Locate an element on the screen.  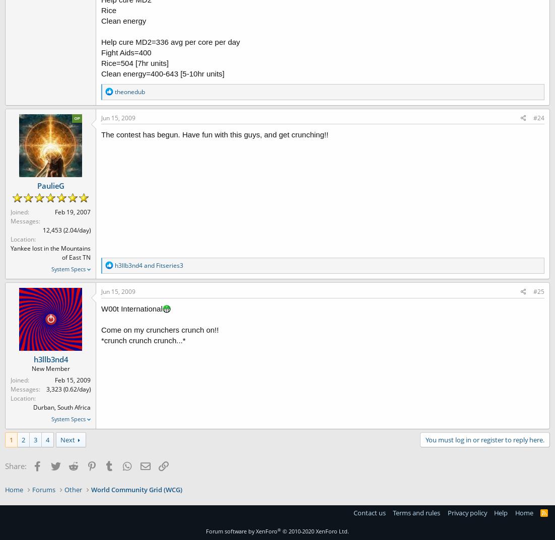
'Clean energy' is located at coordinates (123, 20).